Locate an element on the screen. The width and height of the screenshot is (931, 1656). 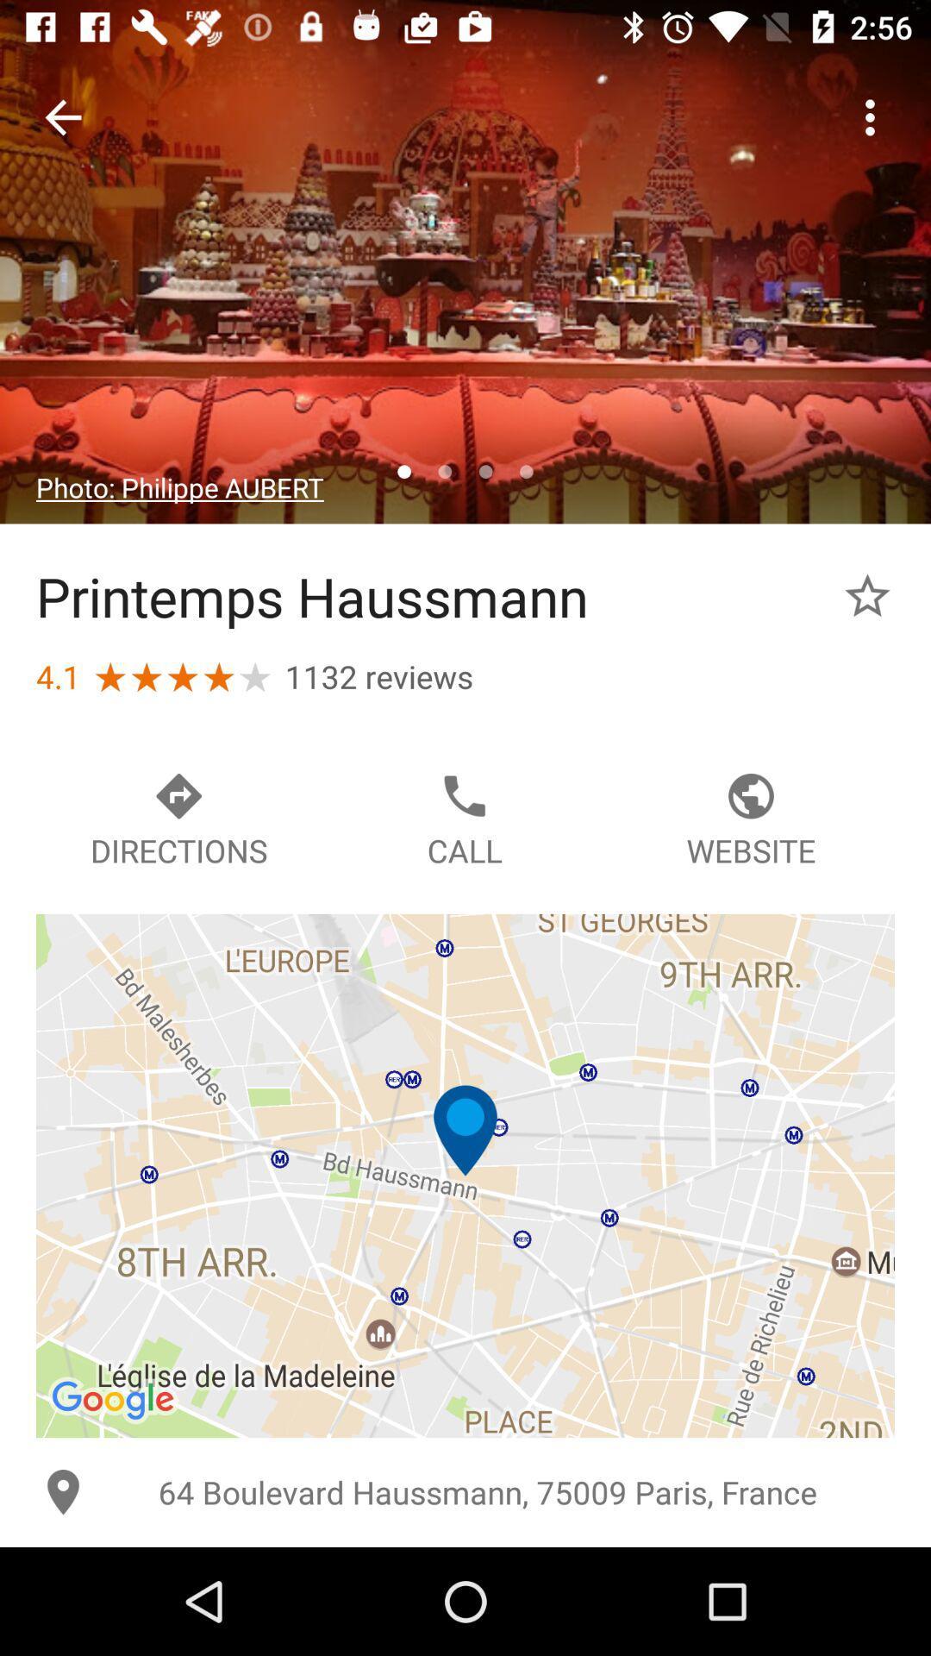
the star icon is located at coordinates (867, 596).